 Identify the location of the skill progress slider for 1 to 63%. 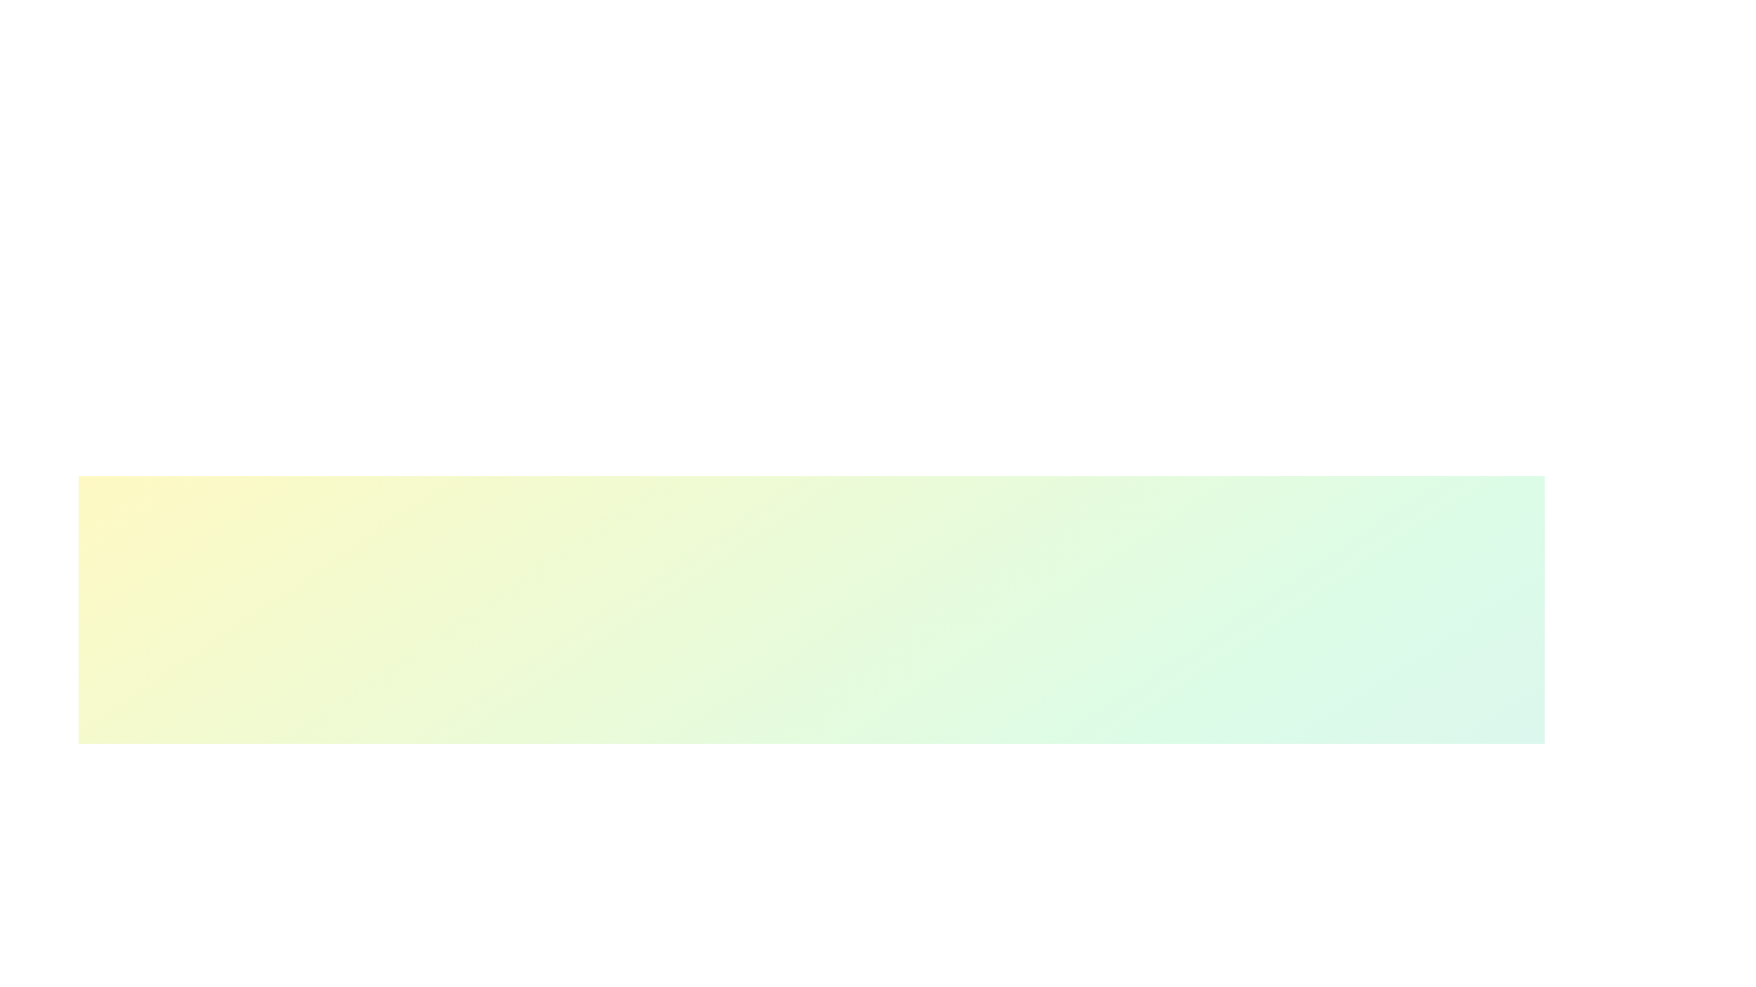
(863, 976).